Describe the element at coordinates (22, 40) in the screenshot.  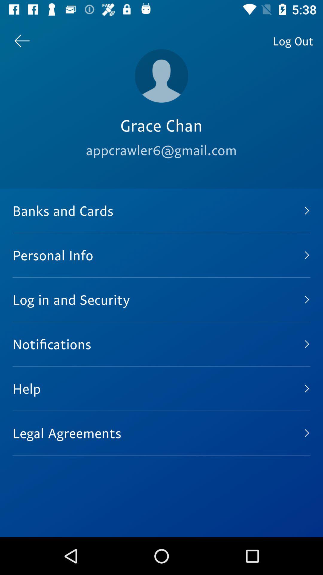
I see `the icon above the banks and cards icon` at that location.